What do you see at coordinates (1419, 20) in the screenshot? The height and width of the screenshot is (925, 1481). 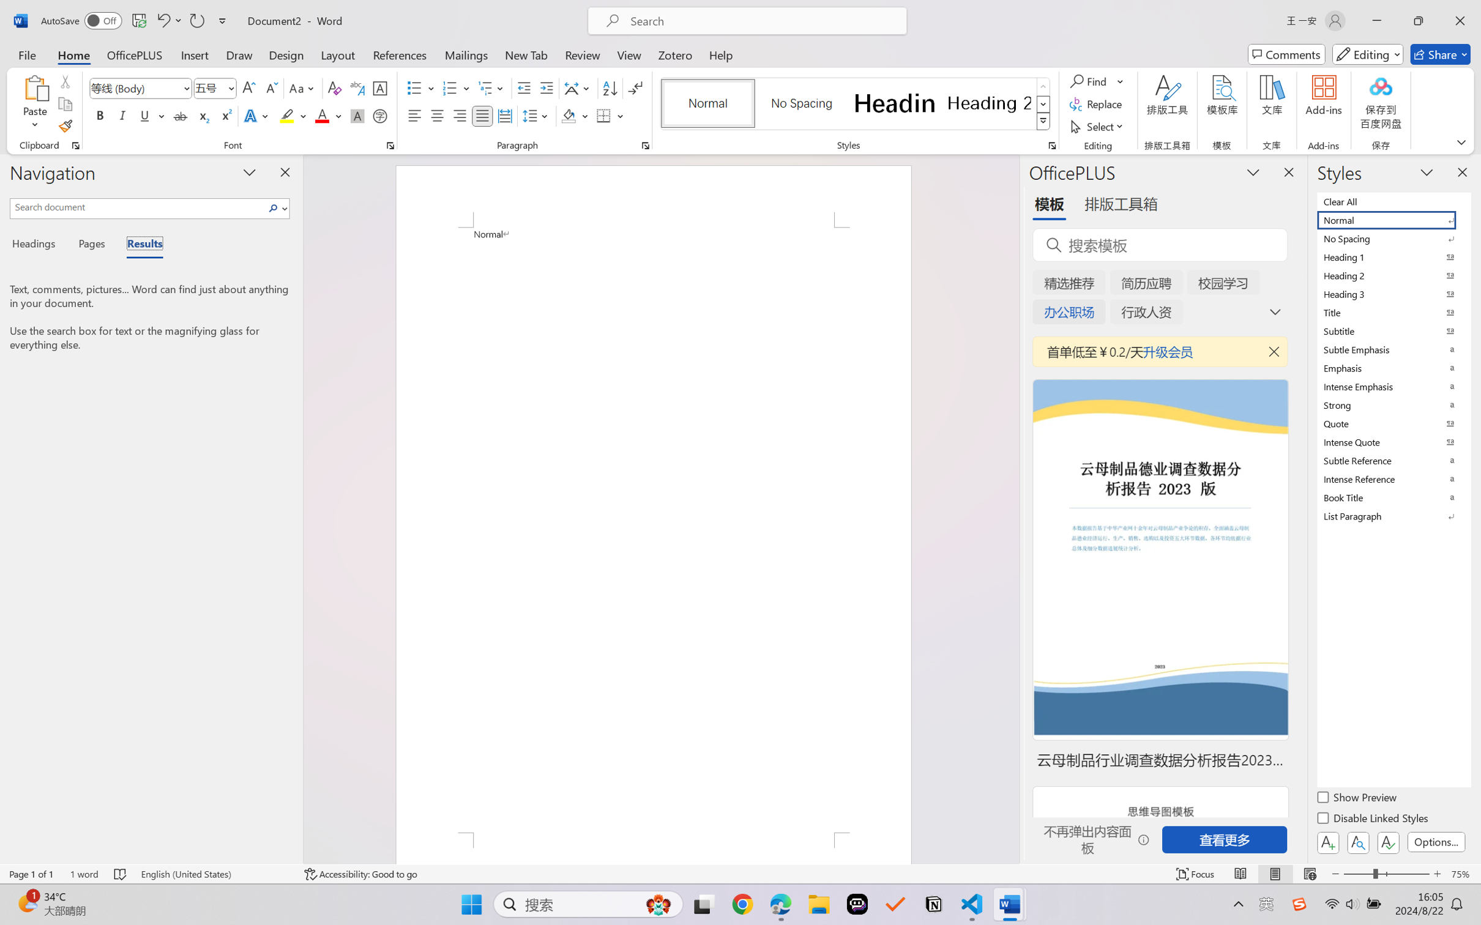 I see `'Restore Down'` at bounding box center [1419, 20].